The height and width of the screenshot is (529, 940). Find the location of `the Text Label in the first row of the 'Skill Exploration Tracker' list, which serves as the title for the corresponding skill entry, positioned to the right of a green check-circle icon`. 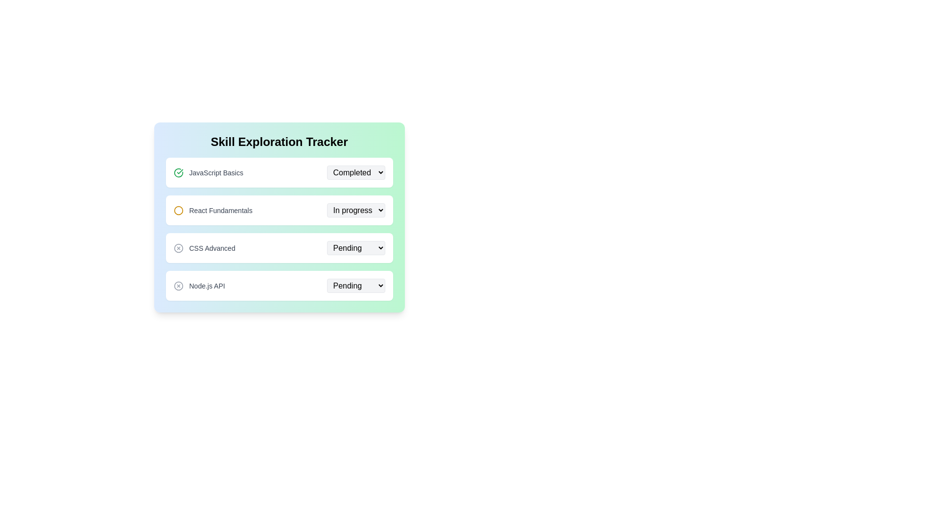

the Text Label in the first row of the 'Skill Exploration Tracker' list, which serves as the title for the corresponding skill entry, positioned to the right of a green check-circle icon is located at coordinates (215, 172).